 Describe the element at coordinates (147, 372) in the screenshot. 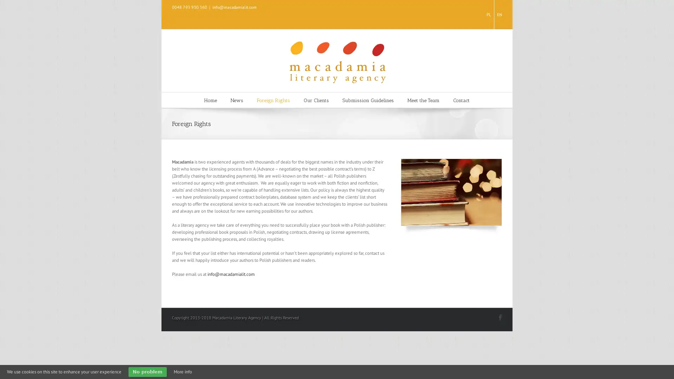

I see `No problem` at that location.